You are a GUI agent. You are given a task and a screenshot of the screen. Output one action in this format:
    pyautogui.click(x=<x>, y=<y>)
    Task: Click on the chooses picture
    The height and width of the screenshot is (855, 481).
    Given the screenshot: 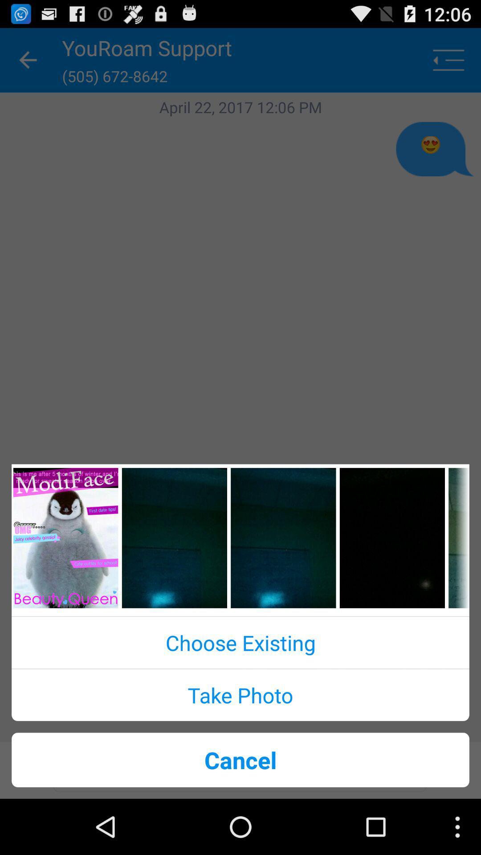 What is the action you would take?
    pyautogui.click(x=283, y=537)
    